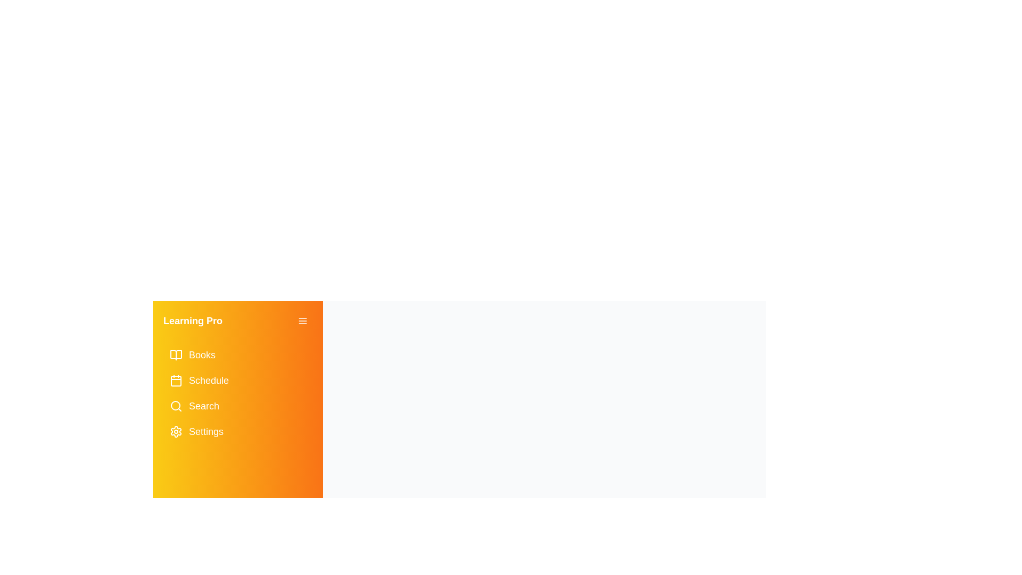 This screenshot has width=1022, height=575. I want to click on the Settings navigation item in the drawer, so click(237, 431).